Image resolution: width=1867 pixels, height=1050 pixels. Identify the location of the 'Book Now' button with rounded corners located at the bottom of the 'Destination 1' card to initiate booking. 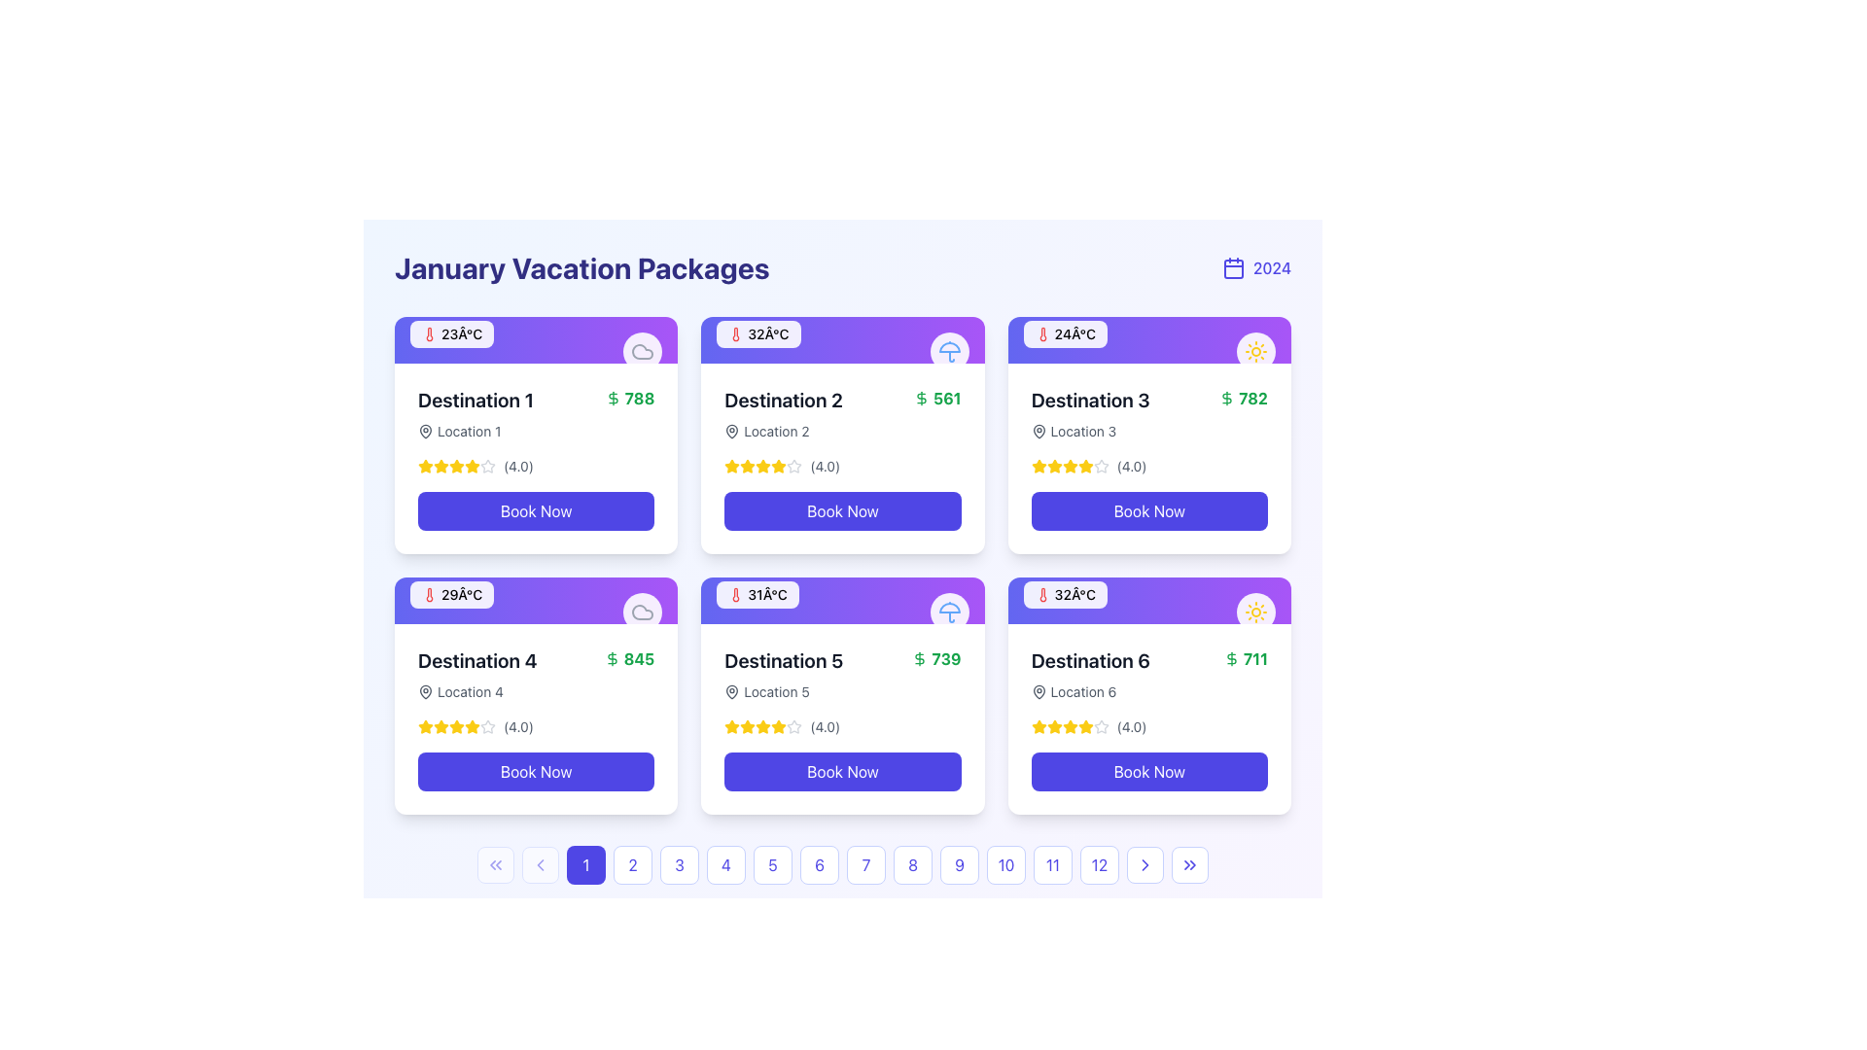
(536, 509).